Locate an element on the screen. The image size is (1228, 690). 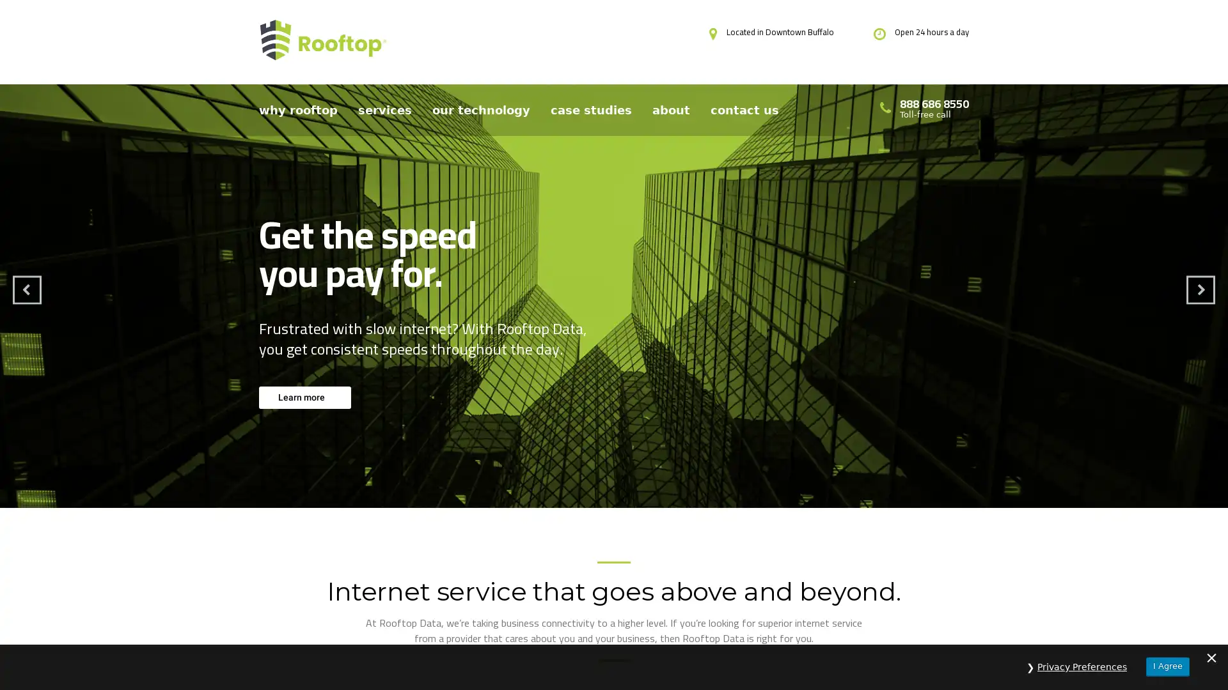
I Agree is located at coordinates (1167, 666).